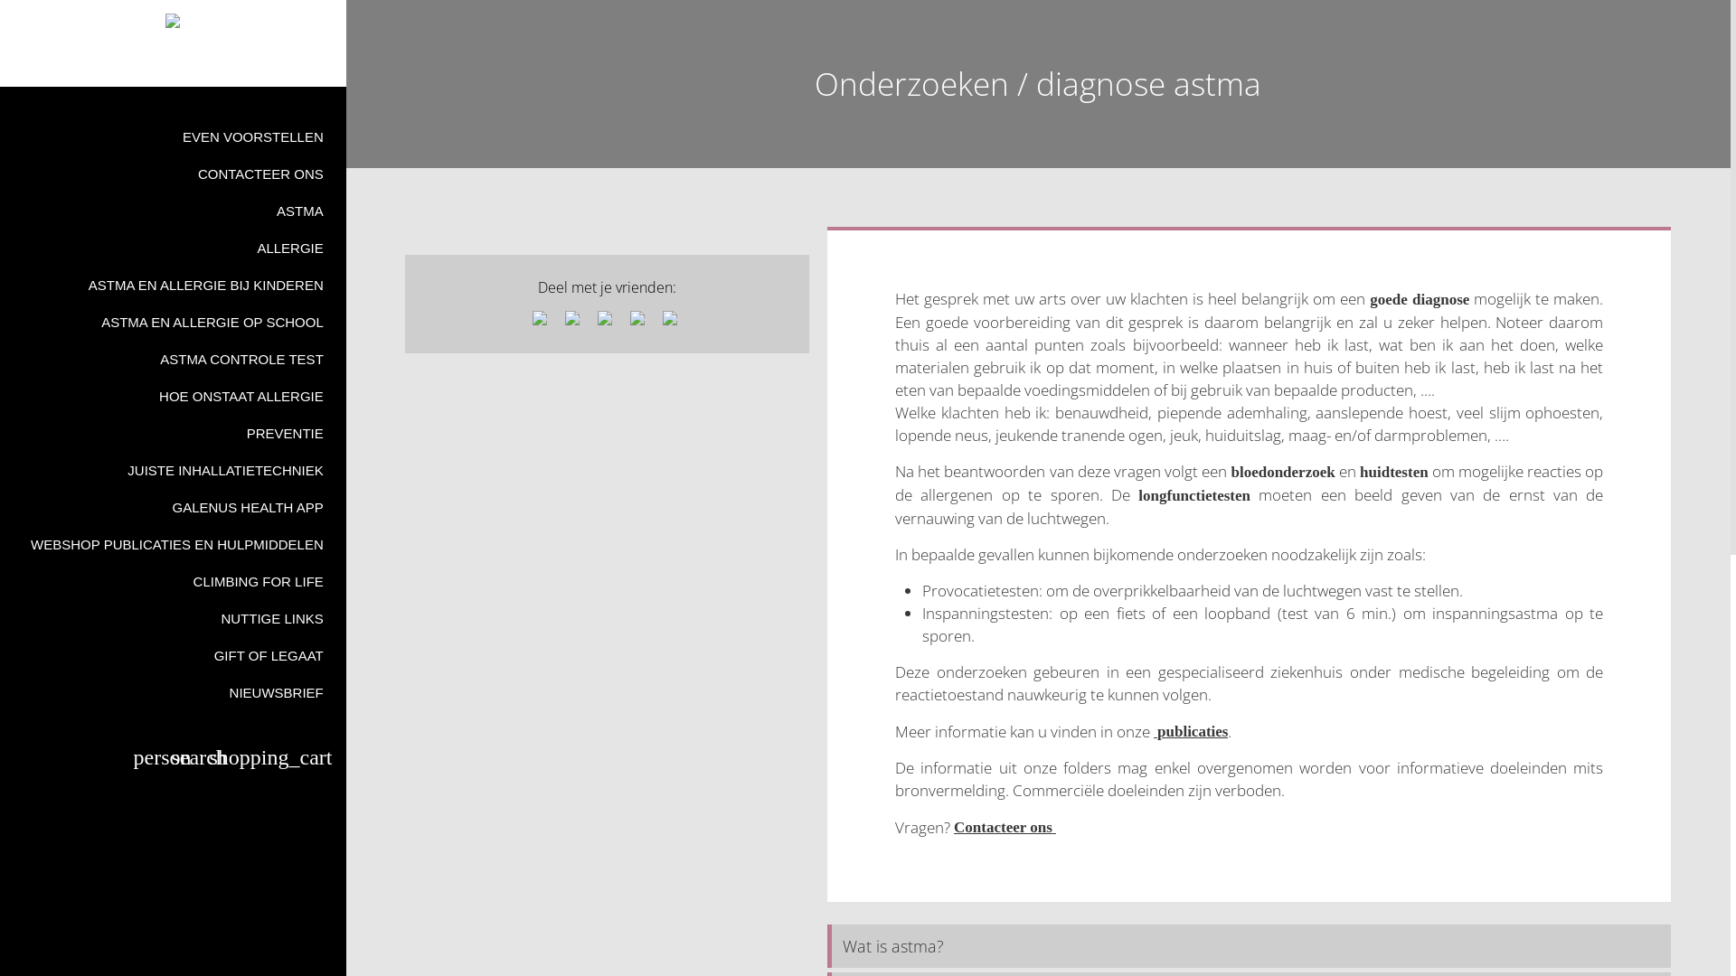 The image size is (1736, 976). I want to click on 'Astma en Allergiekoepel vzw', so click(173, 21).